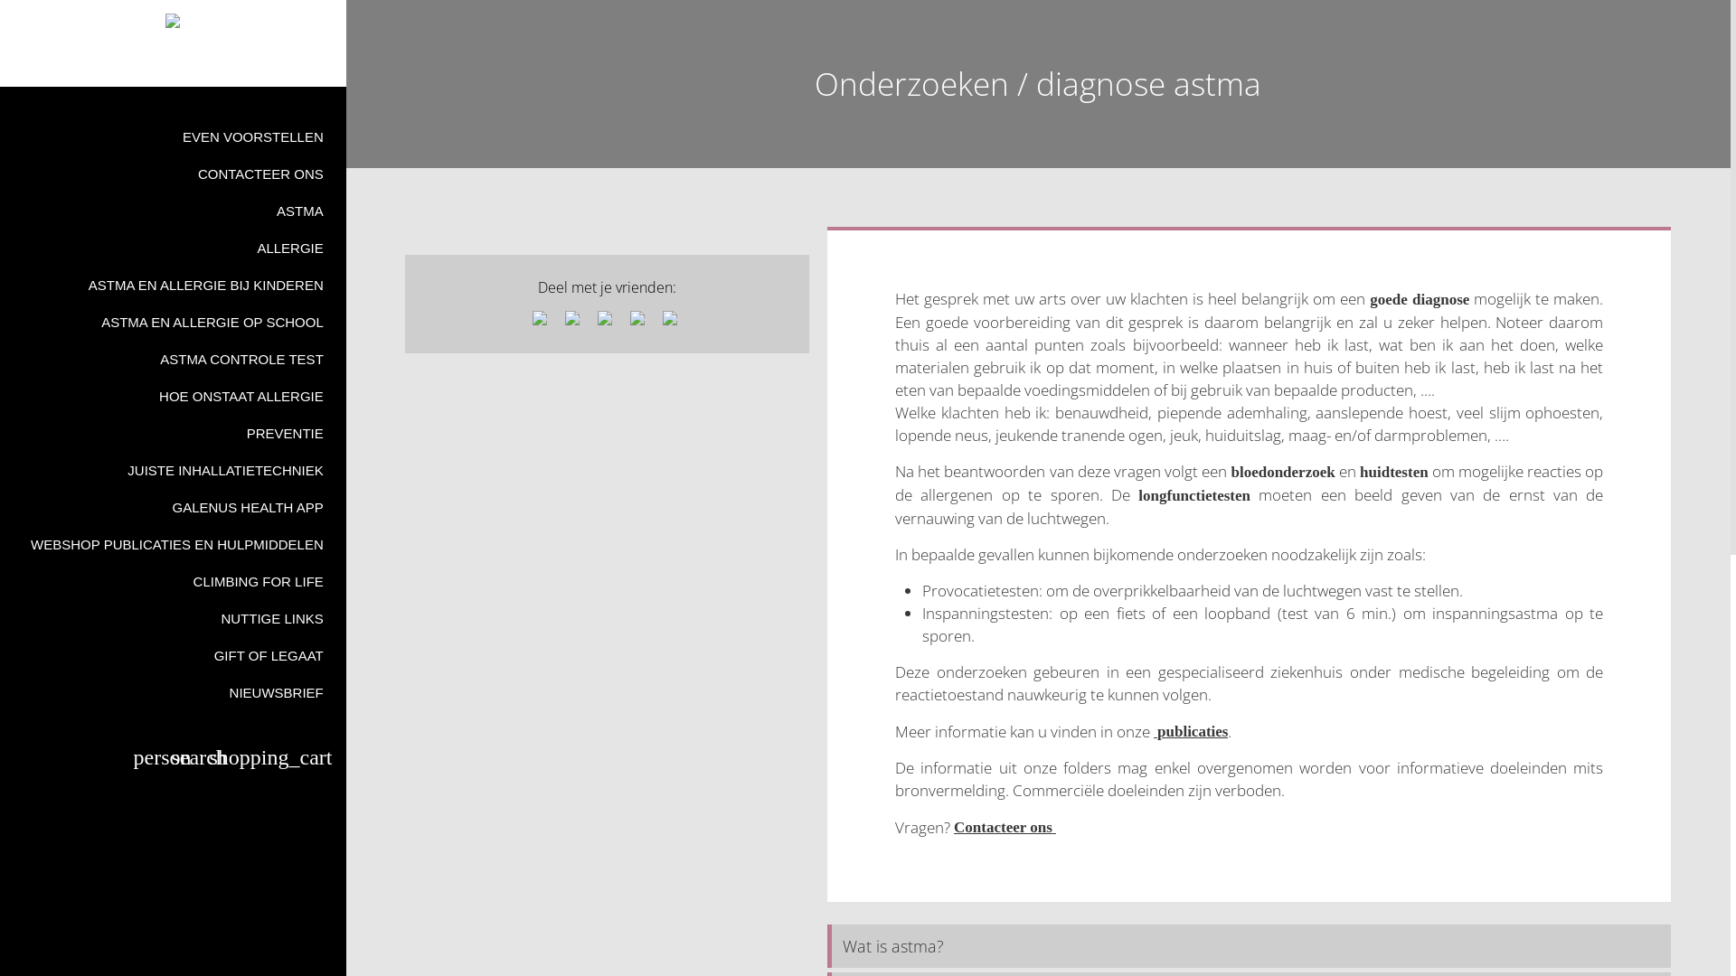 The image size is (1736, 976). I want to click on 'Astma en Allergiekoepel vzw', so click(173, 21).